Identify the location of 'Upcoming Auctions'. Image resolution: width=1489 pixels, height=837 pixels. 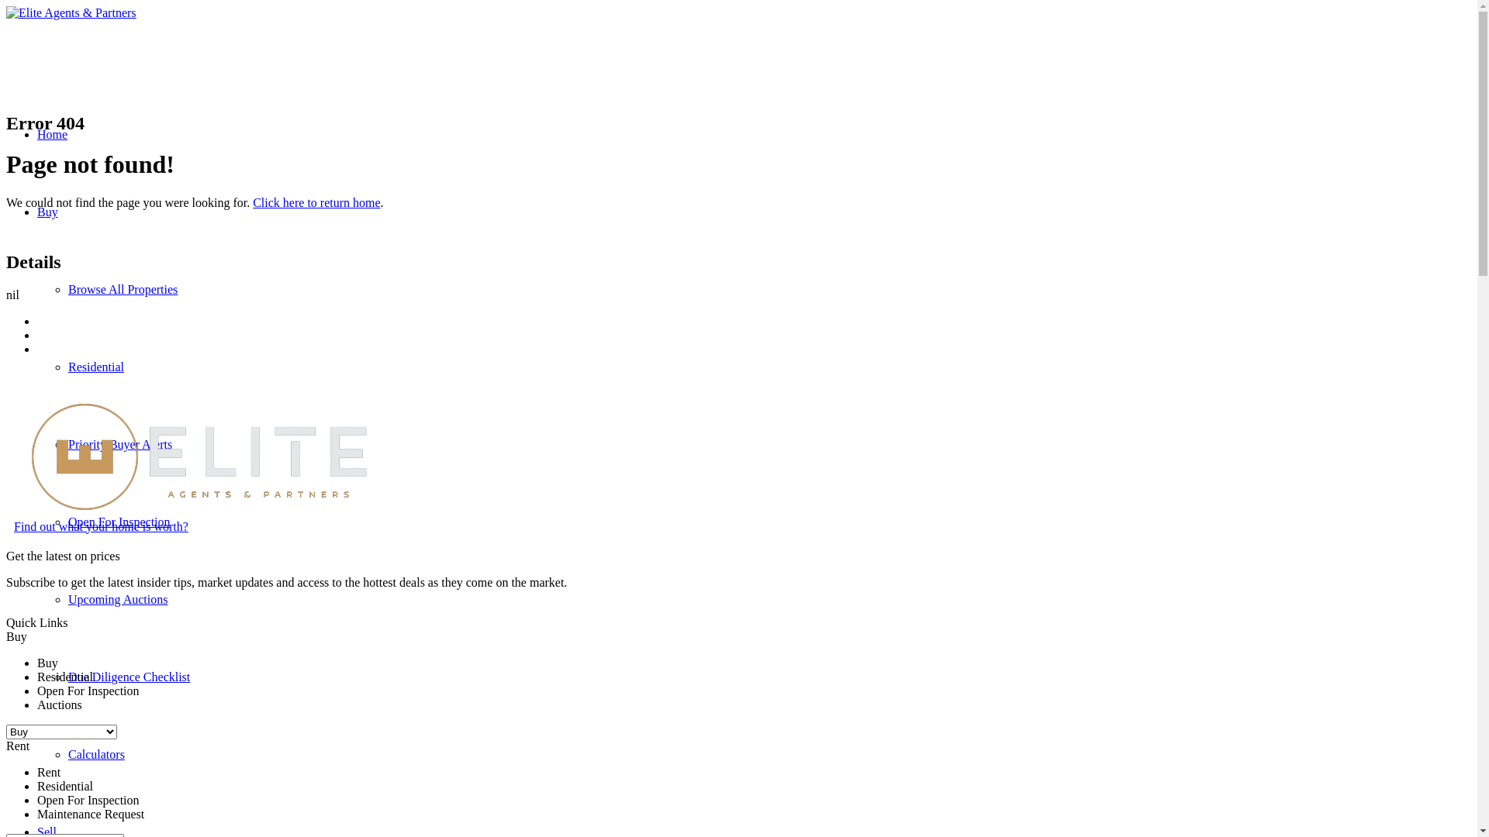
(117, 598).